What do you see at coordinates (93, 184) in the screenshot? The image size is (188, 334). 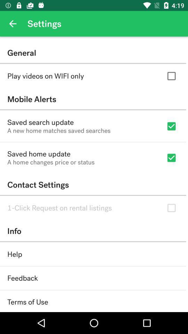 I see `contact settings` at bounding box center [93, 184].